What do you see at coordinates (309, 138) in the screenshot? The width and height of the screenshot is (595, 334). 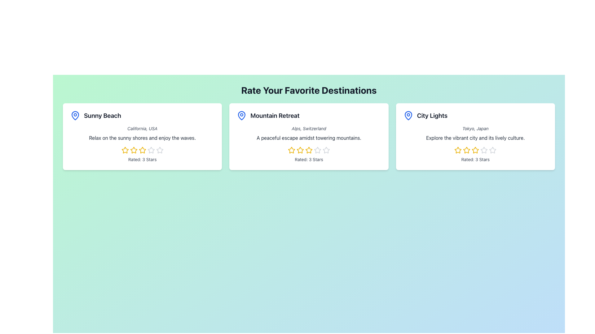 I see `the text element providing descriptive information about the destination 'Mountain Retreat'` at bounding box center [309, 138].